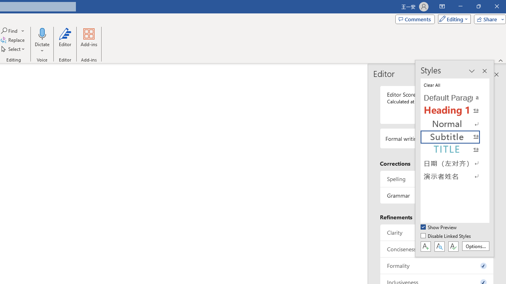 This screenshot has width=506, height=284. Describe the element at coordinates (455, 124) in the screenshot. I see `'Normal'` at that location.